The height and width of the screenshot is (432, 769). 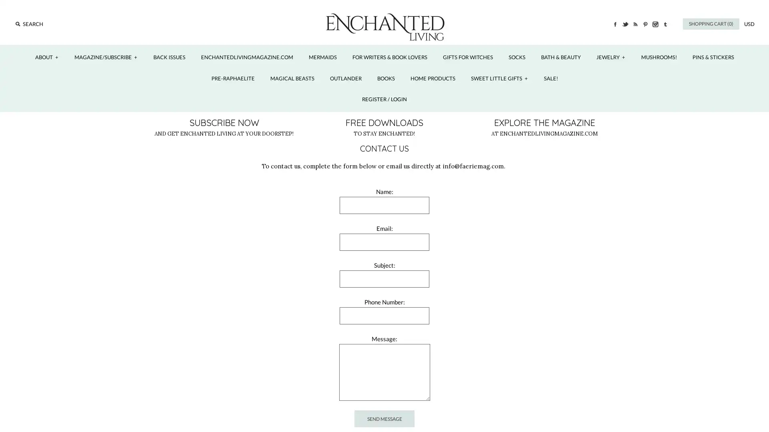 I want to click on Send Message, so click(x=384, y=418).